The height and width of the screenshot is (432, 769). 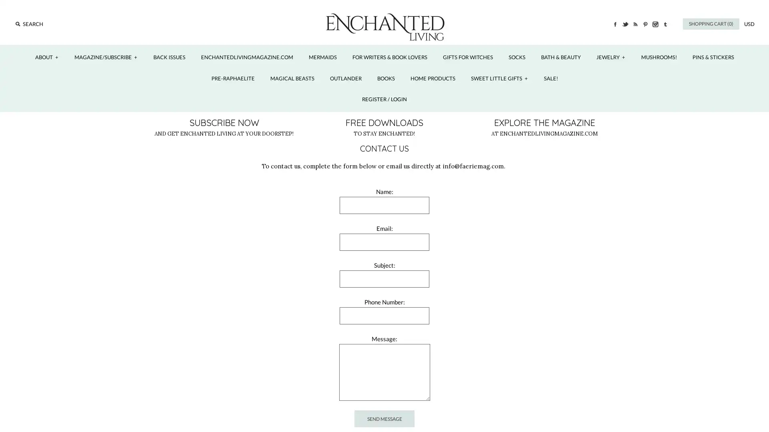 I want to click on Send Message, so click(x=384, y=418).